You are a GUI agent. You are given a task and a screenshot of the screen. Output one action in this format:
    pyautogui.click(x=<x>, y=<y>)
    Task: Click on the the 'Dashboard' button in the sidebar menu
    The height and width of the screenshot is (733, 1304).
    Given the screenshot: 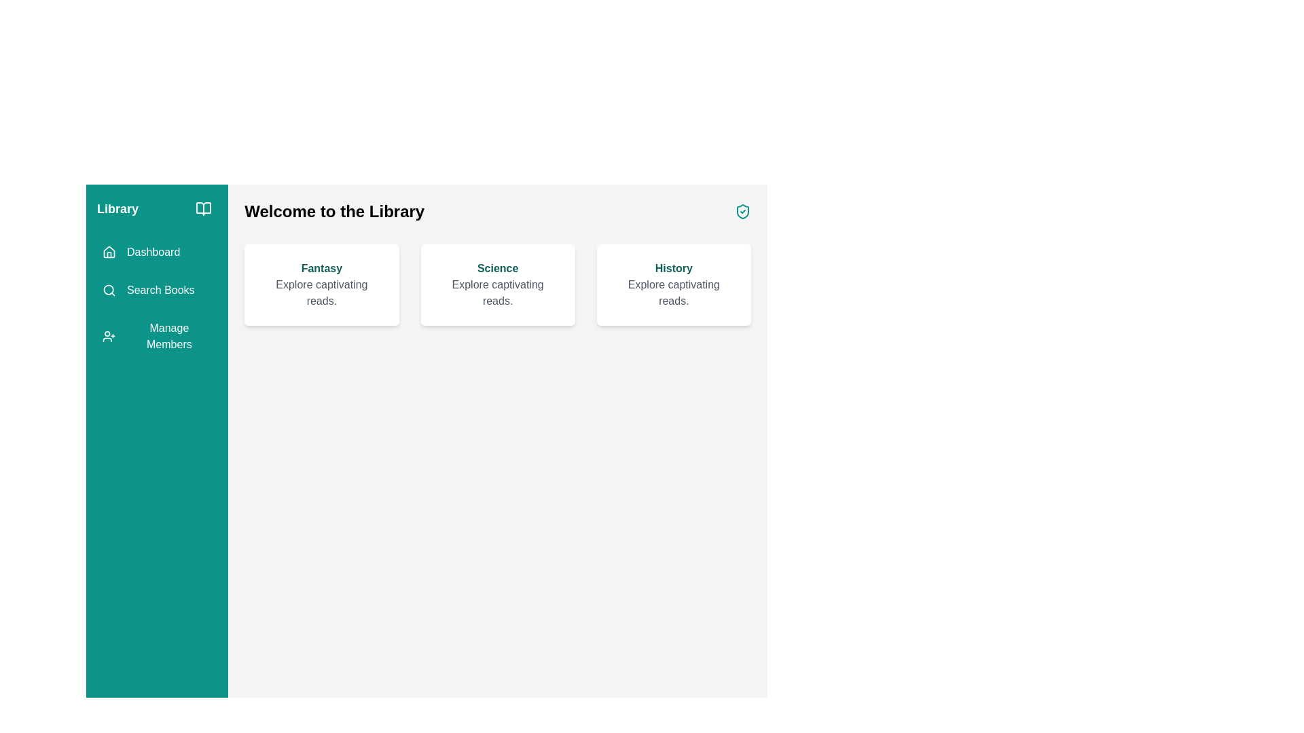 What is the action you would take?
    pyautogui.click(x=141, y=252)
    